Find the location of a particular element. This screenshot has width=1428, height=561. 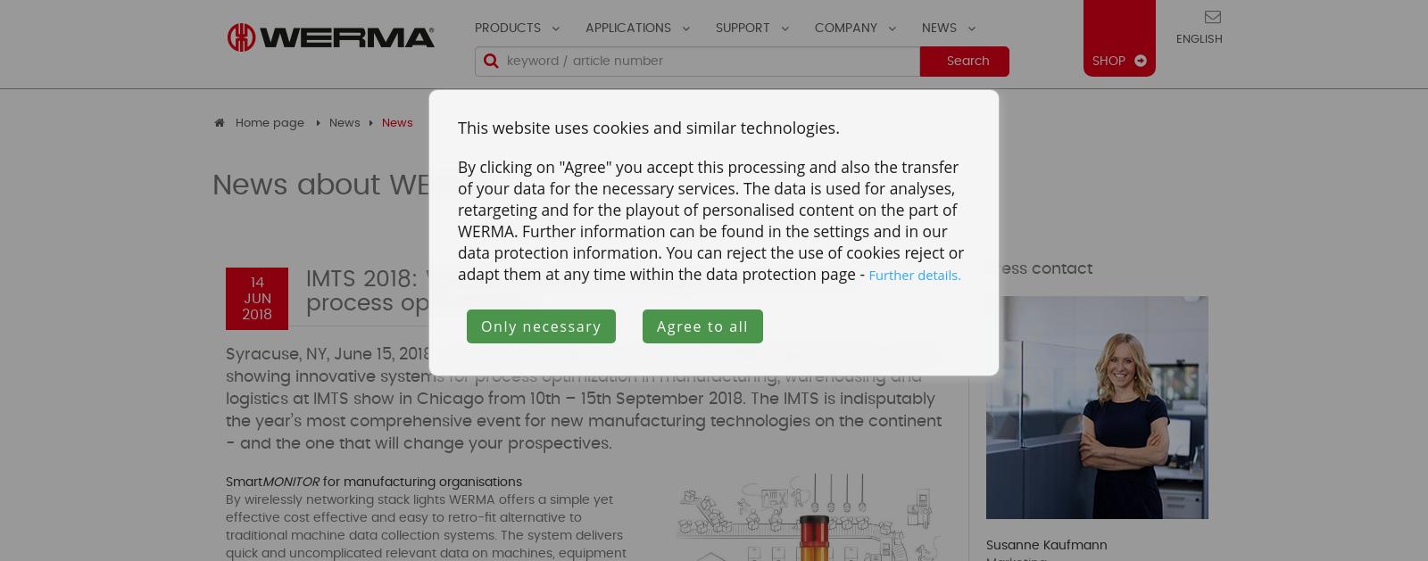

'IMTS 2018: WERMA presents intelligent systems for process optimization' is located at coordinates (582, 291).